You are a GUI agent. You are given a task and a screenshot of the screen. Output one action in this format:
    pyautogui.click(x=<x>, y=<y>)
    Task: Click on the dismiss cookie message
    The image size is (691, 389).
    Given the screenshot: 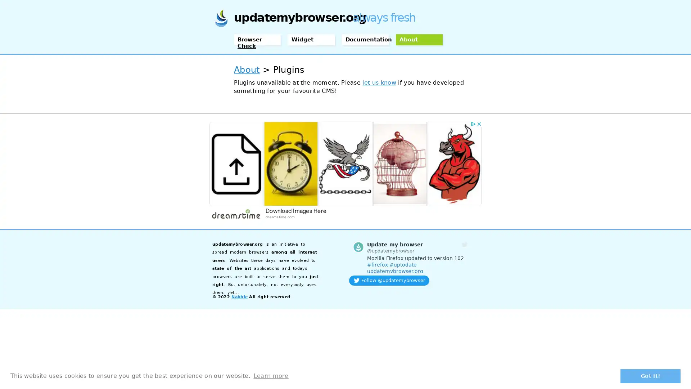 What is the action you would take?
    pyautogui.click(x=650, y=376)
    